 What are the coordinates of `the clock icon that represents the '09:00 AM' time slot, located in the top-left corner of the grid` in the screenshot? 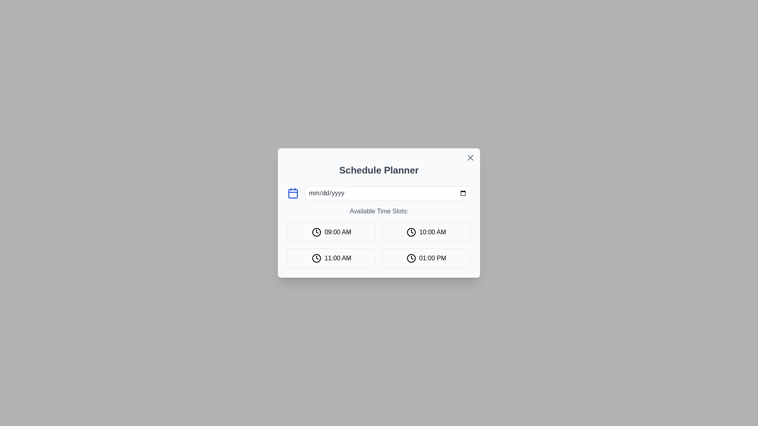 It's located at (317, 232).